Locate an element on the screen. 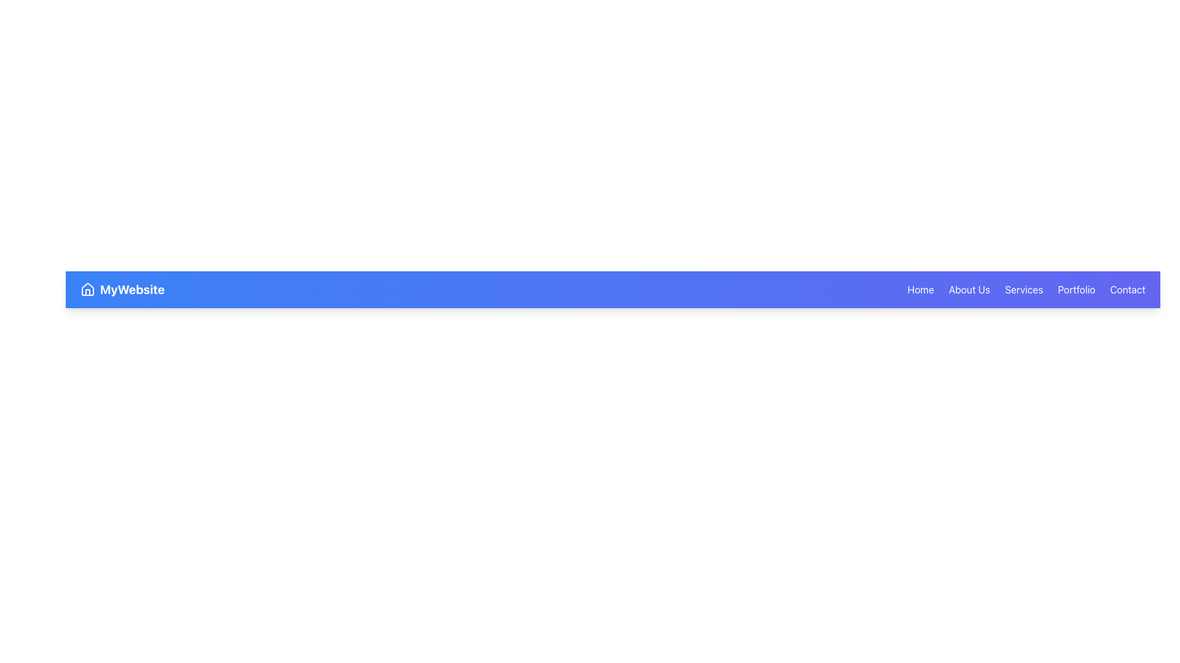 This screenshot has height=663, width=1180. the branding logo, which is a Text with Icon located at the top-left corner of the navigation bar is located at coordinates (122, 289).